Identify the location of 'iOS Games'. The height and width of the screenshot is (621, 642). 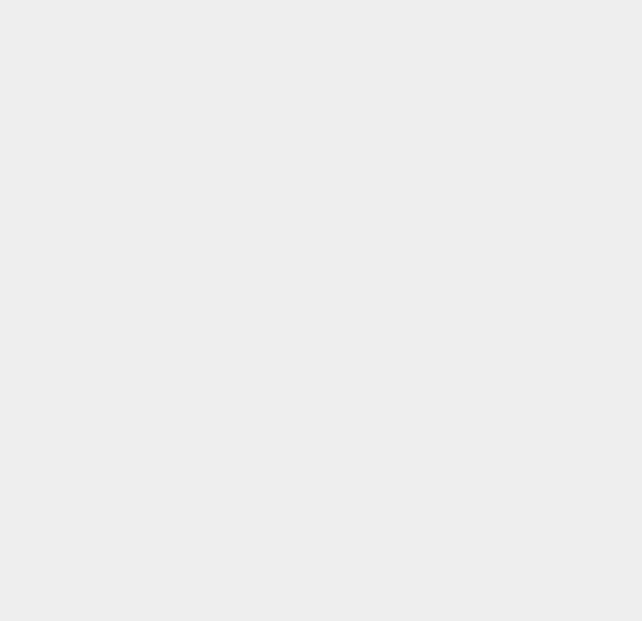
(474, 361).